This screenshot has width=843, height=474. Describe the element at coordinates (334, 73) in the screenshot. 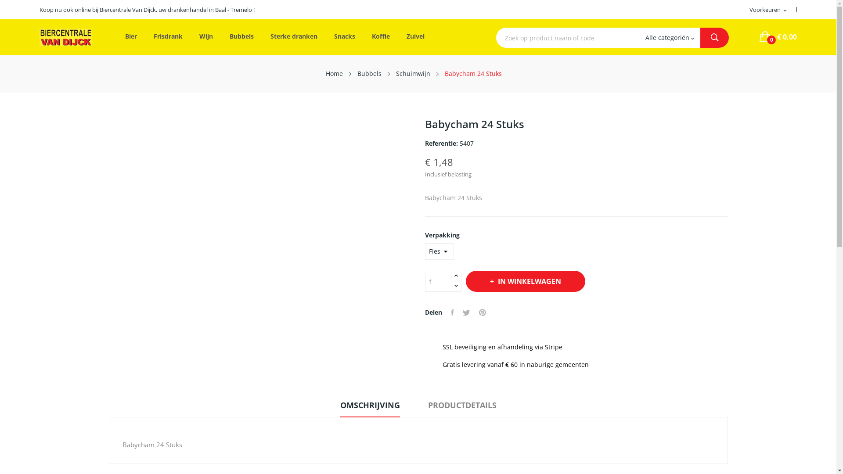

I see `'Home'` at that location.